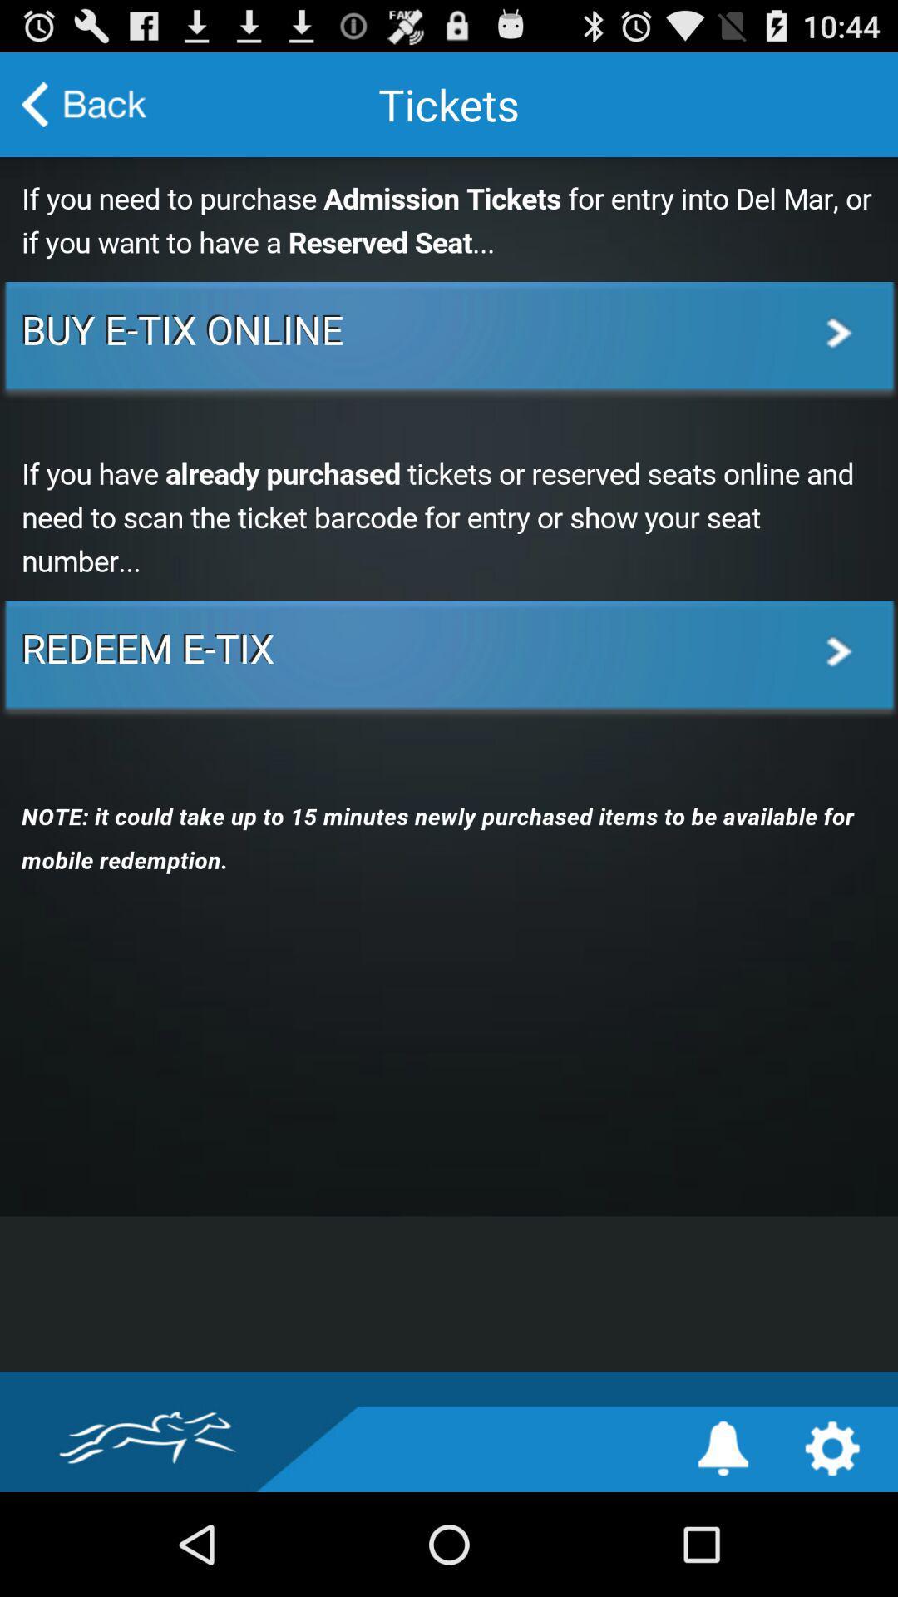 The image size is (898, 1597). I want to click on the notifications icon, so click(723, 1549).